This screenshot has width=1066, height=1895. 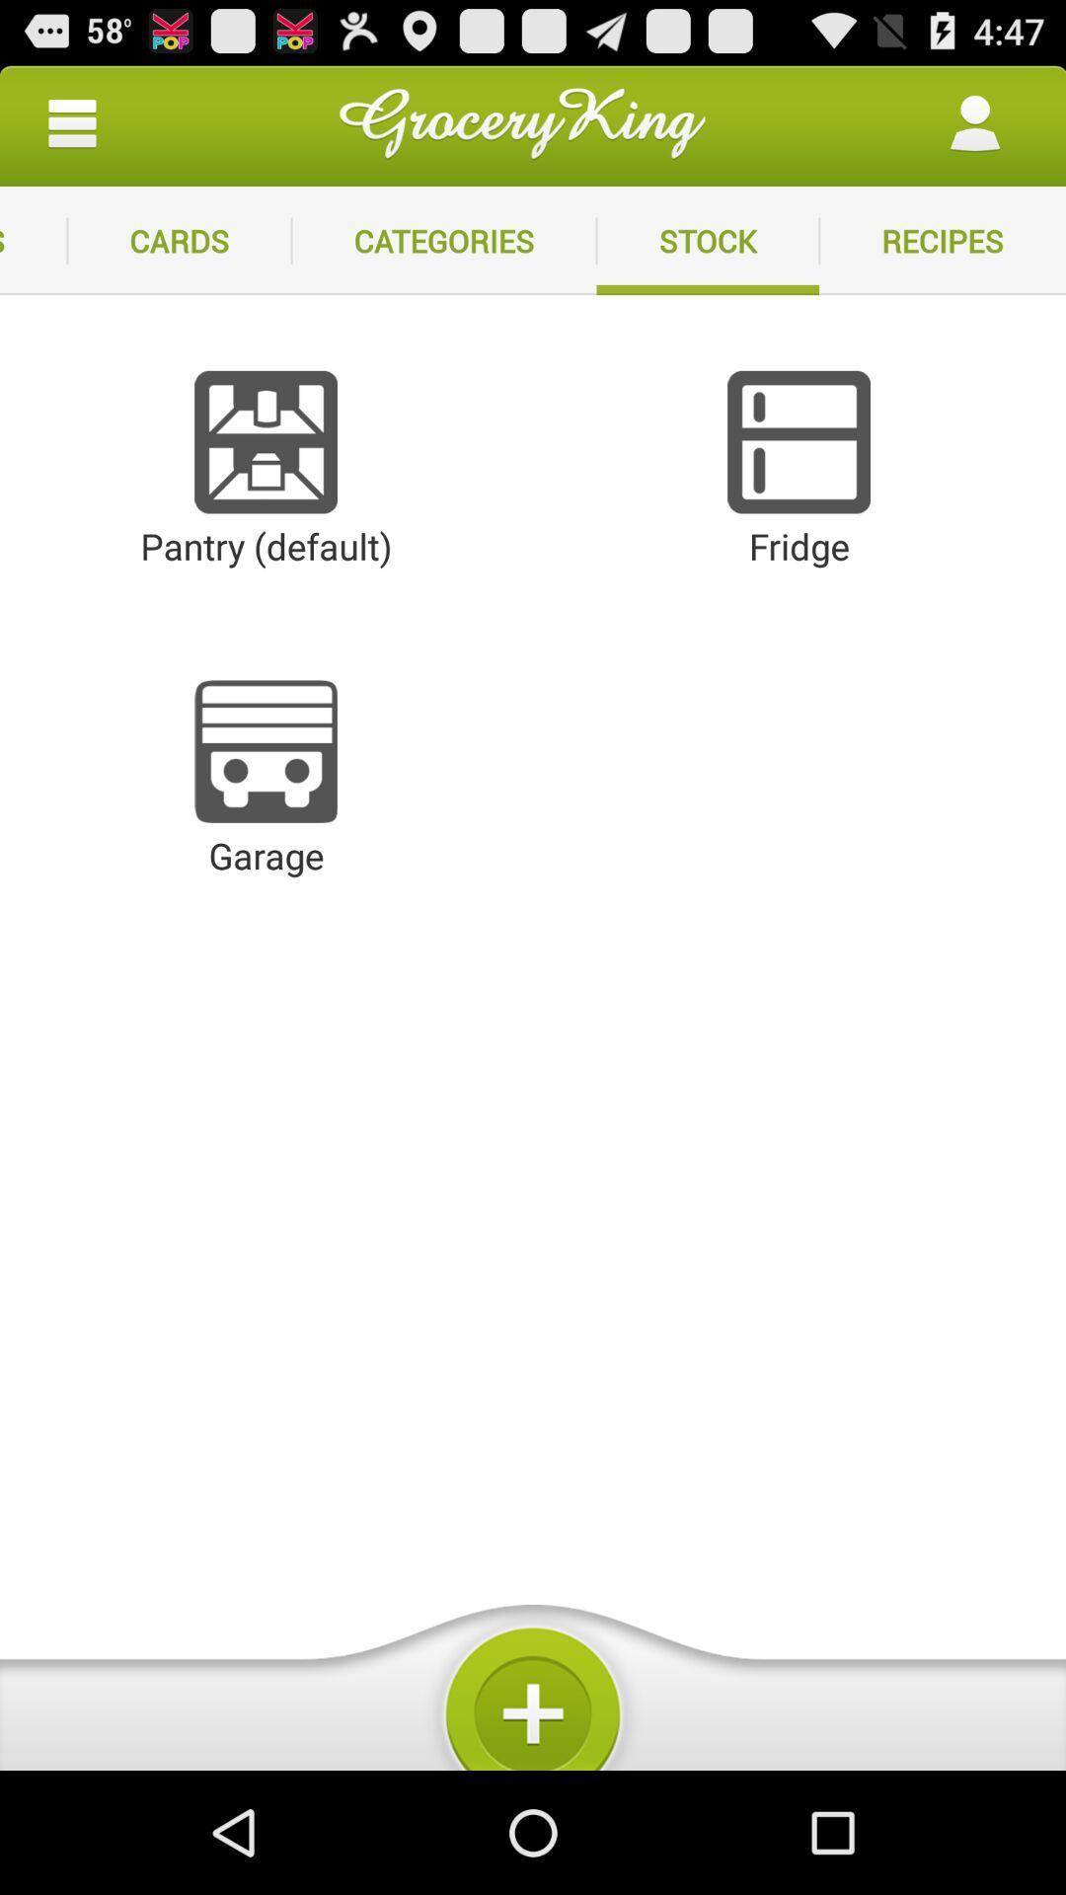 What do you see at coordinates (179, 240) in the screenshot?
I see `item to the right of the lists app` at bounding box center [179, 240].